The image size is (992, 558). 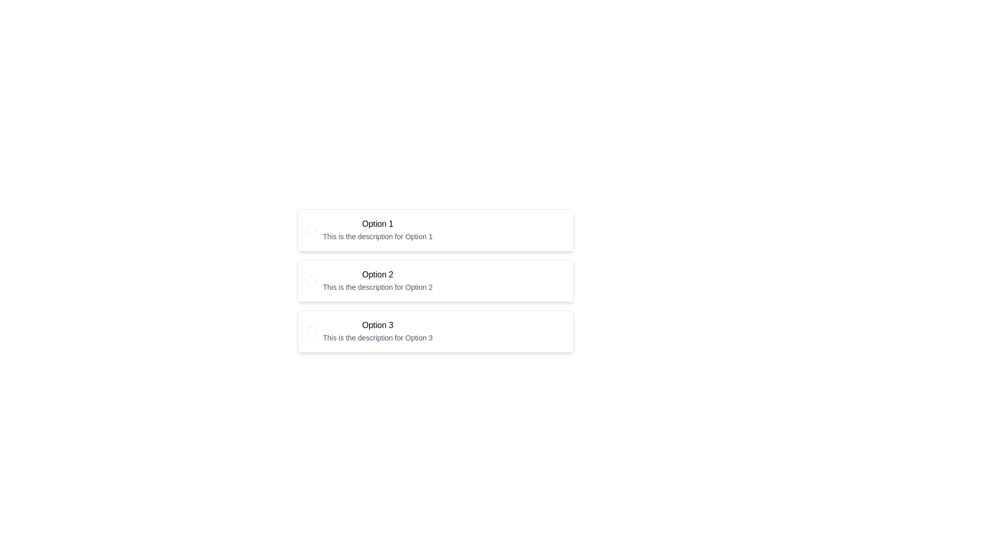 I want to click on the descriptive text label that provides information about 'Option 2', located below the text 'Option 2', so click(x=377, y=287).